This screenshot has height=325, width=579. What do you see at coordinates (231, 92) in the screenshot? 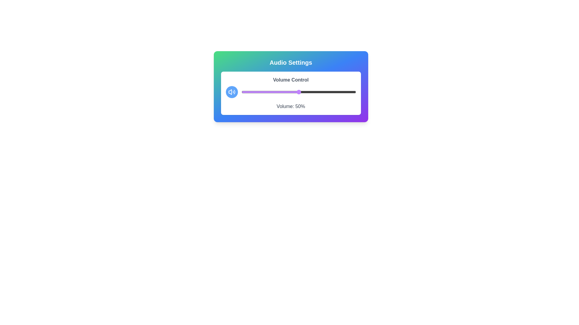
I see `the circular blue button with a white speaker icon` at bounding box center [231, 92].